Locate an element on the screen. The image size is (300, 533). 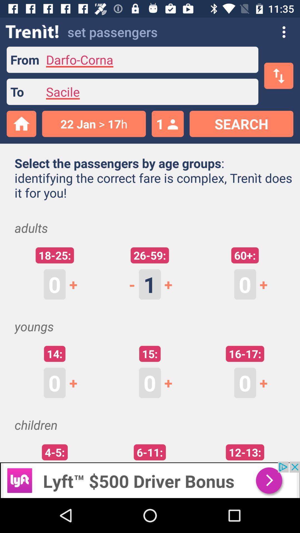
the add icon next to the number 1 is located at coordinates (171, 284).